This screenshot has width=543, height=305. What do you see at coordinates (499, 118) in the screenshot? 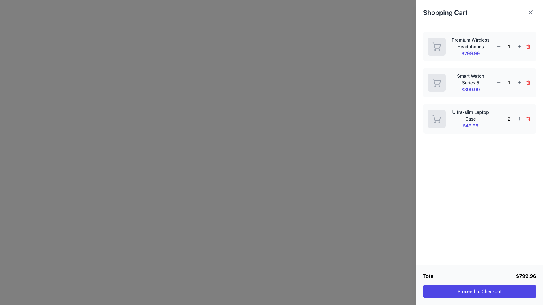
I see `the decrease quantity button located to the left of the quantity counter for 'Ultra-slim Laptop Case' in the shopping cart` at bounding box center [499, 118].